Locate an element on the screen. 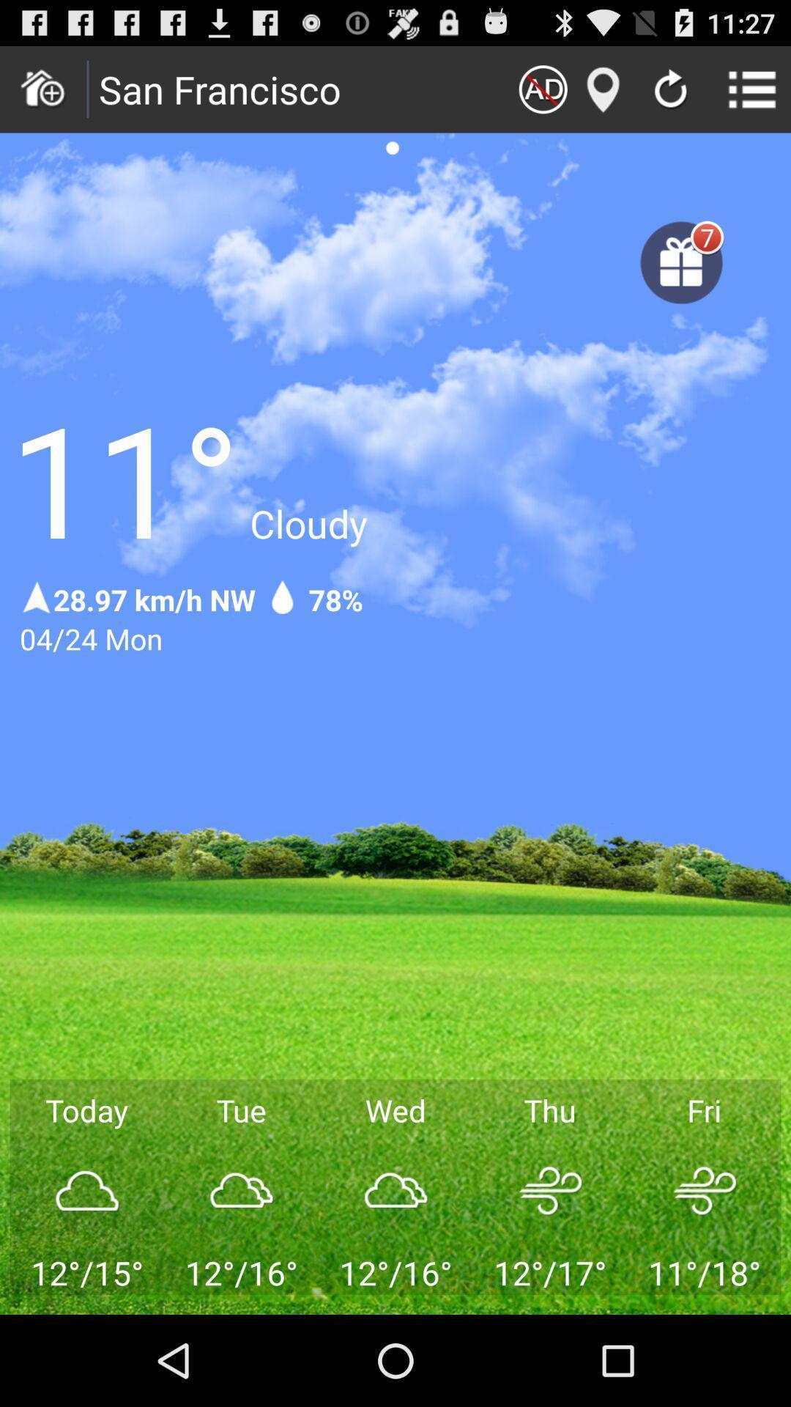 The width and height of the screenshot is (791, 1407). the home icon is located at coordinates (42, 95).